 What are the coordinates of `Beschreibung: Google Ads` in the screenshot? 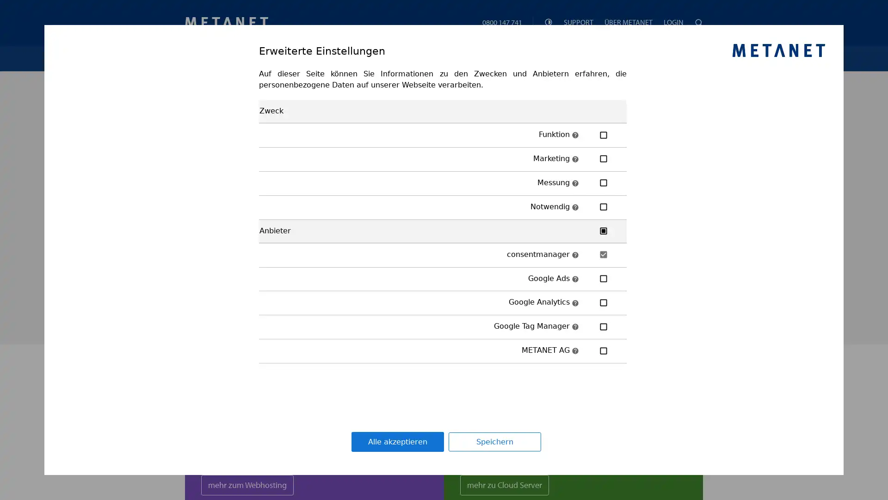 It's located at (574, 277).